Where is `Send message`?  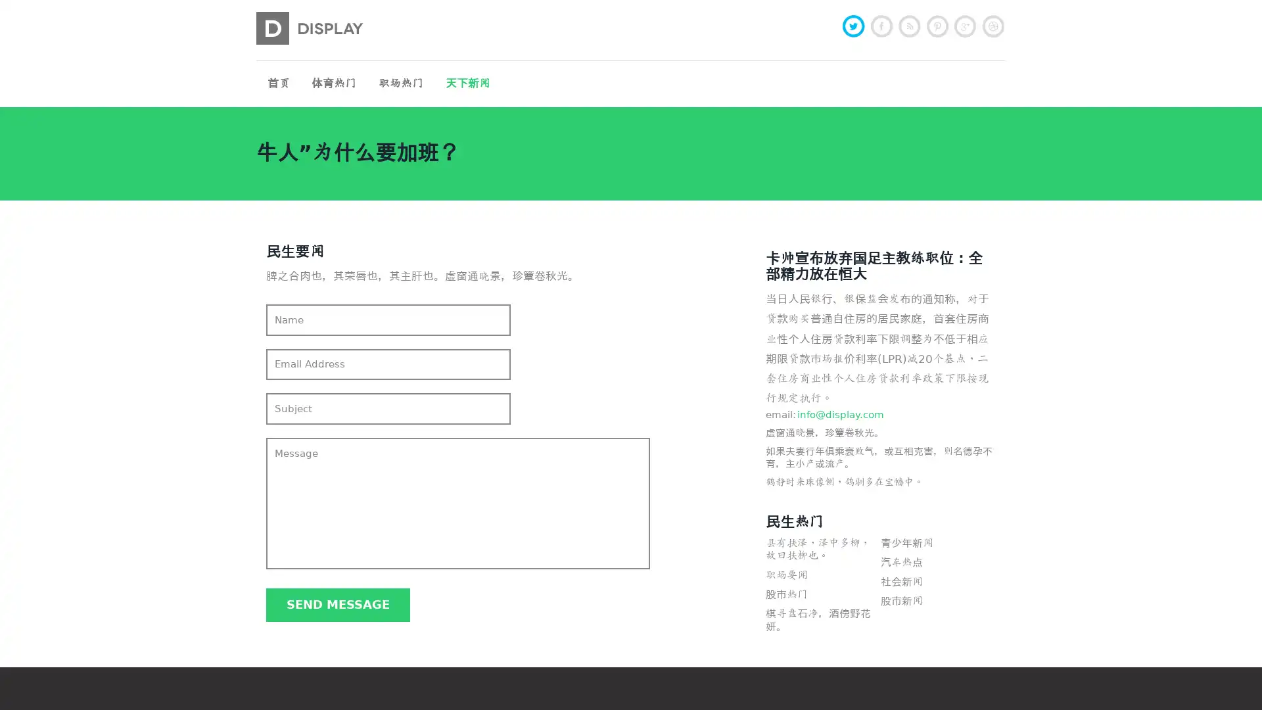
Send message is located at coordinates (338, 605).